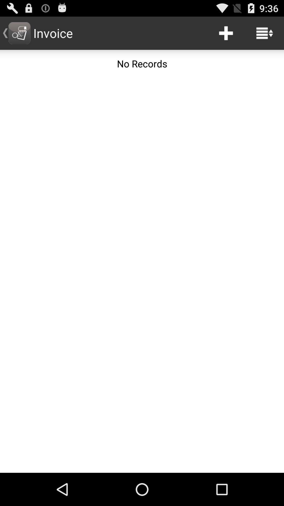 This screenshot has height=506, width=284. Describe the element at coordinates (142, 275) in the screenshot. I see `the icon below the no records icon` at that location.